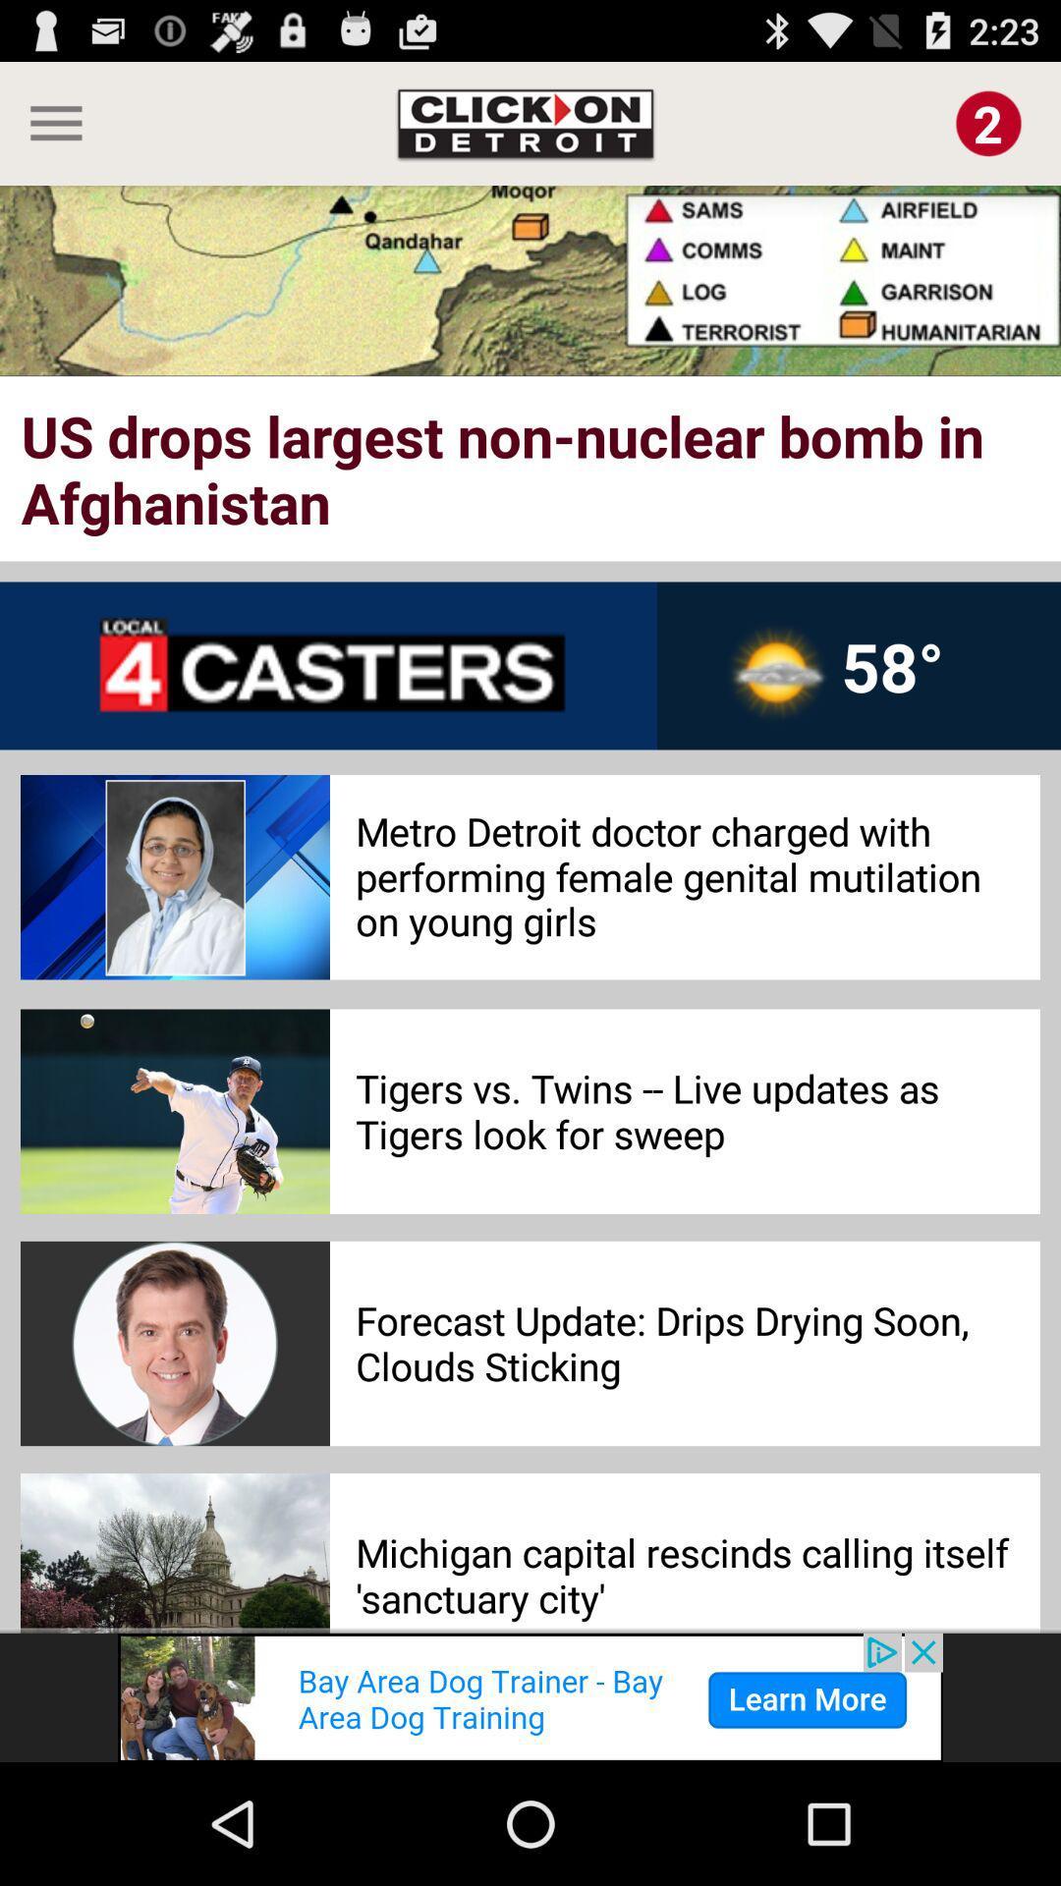 This screenshot has width=1061, height=1886. What do you see at coordinates (530, 1696) in the screenshot?
I see `open advertisement` at bounding box center [530, 1696].